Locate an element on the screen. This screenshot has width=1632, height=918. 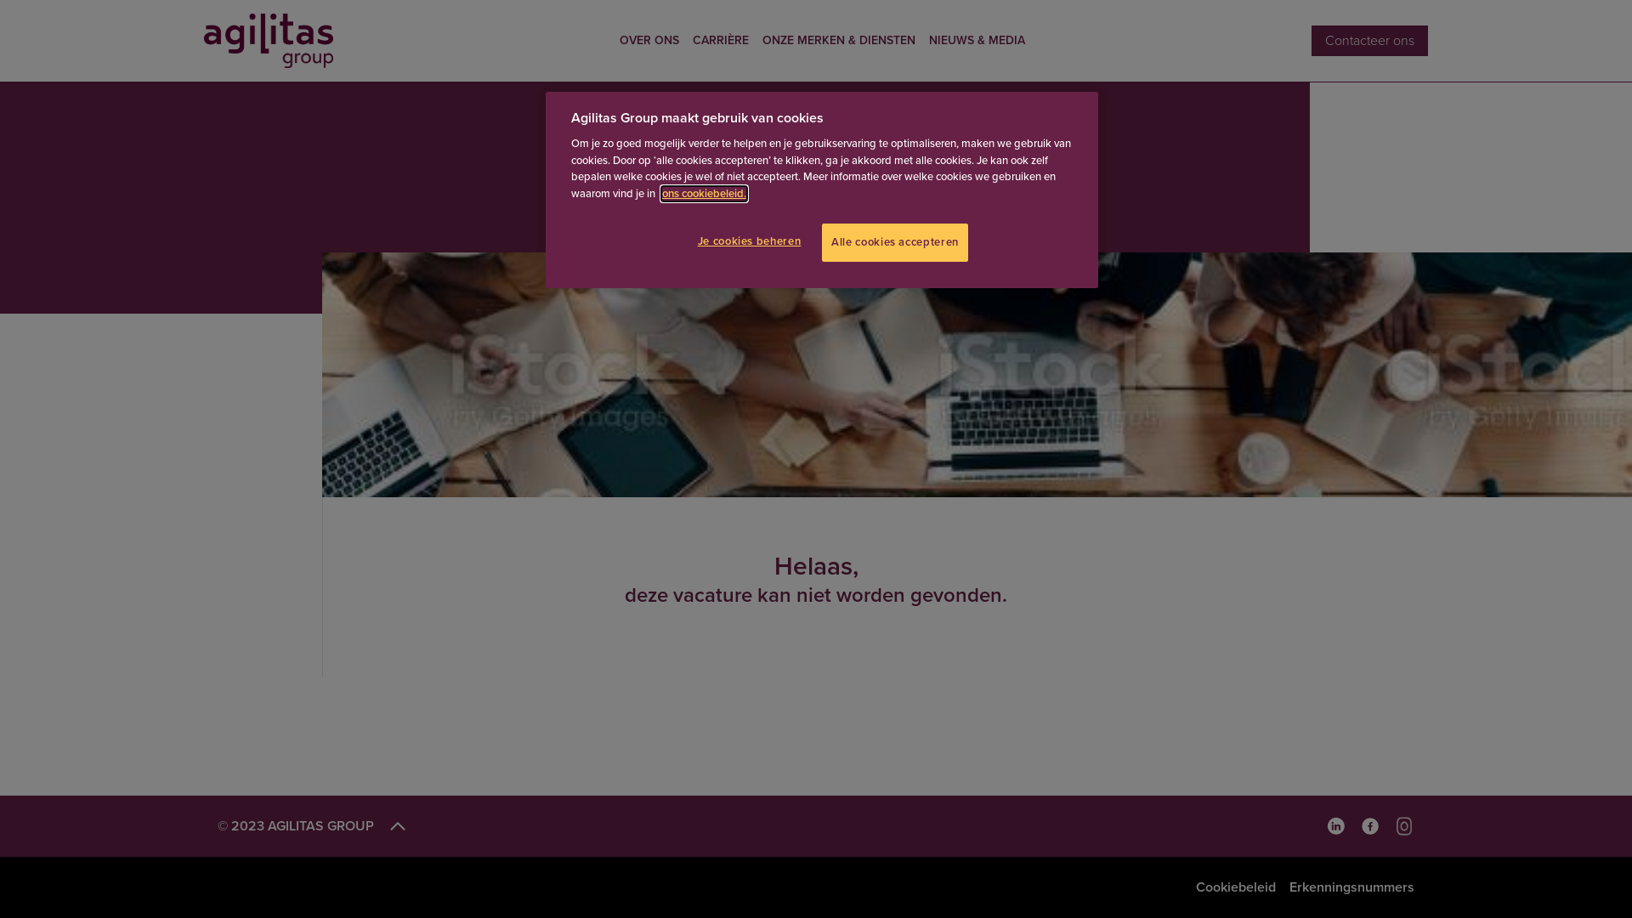
'OVER ONS' is located at coordinates (619, 39).